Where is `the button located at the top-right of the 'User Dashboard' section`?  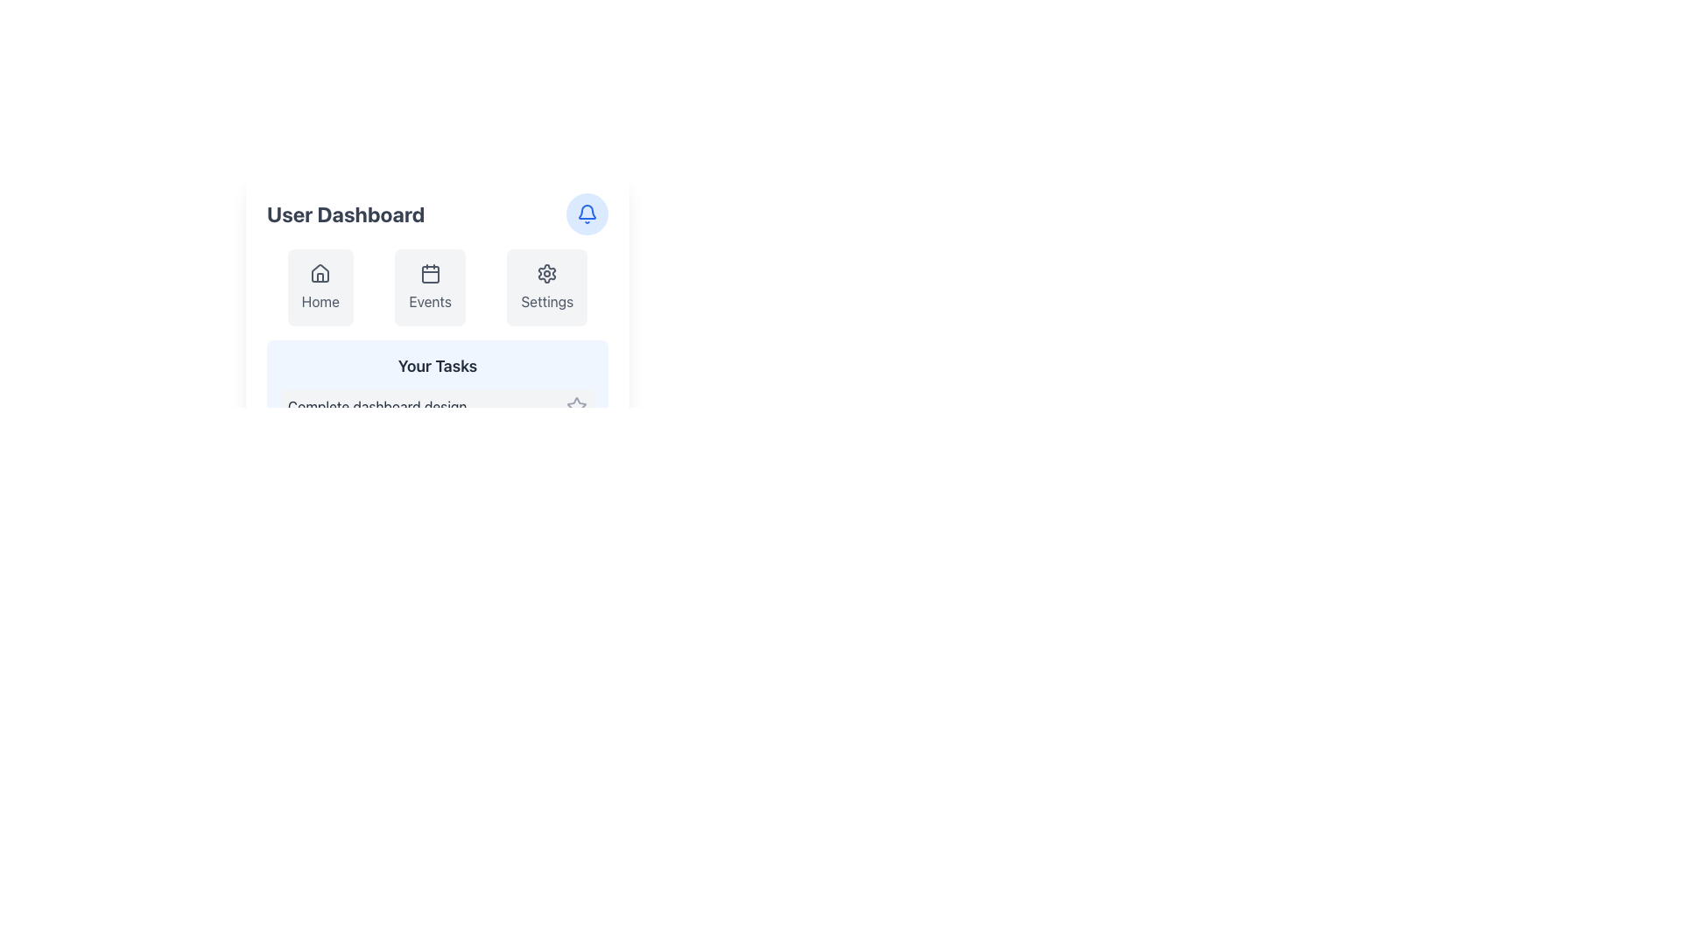
the button located at the top-right of the 'User Dashboard' section is located at coordinates (587, 213).